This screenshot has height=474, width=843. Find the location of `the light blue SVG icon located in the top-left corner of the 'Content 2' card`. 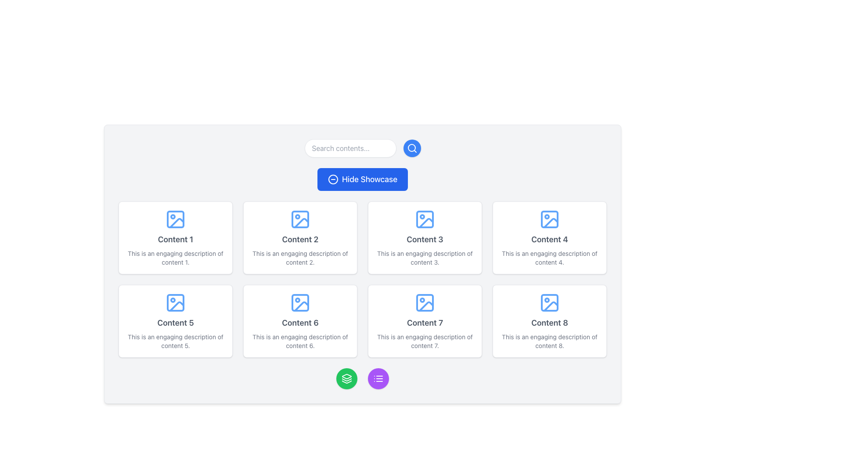

the light blue SVG icon located in the top-left corner of the 'Content 2' card is located at coordinates (300, 219).